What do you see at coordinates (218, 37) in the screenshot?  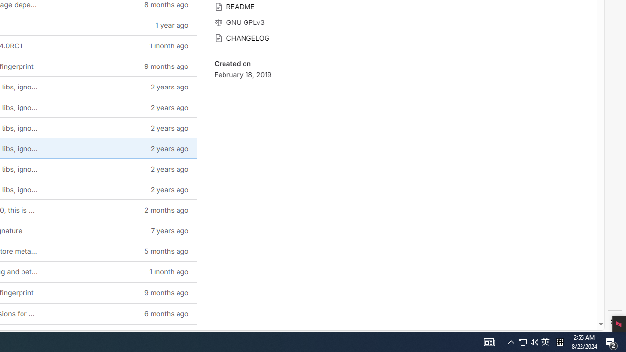 I see `'Class: s16 icon gl-mr-3 gl-text-gray-500'` at bounding box center [218, 37].